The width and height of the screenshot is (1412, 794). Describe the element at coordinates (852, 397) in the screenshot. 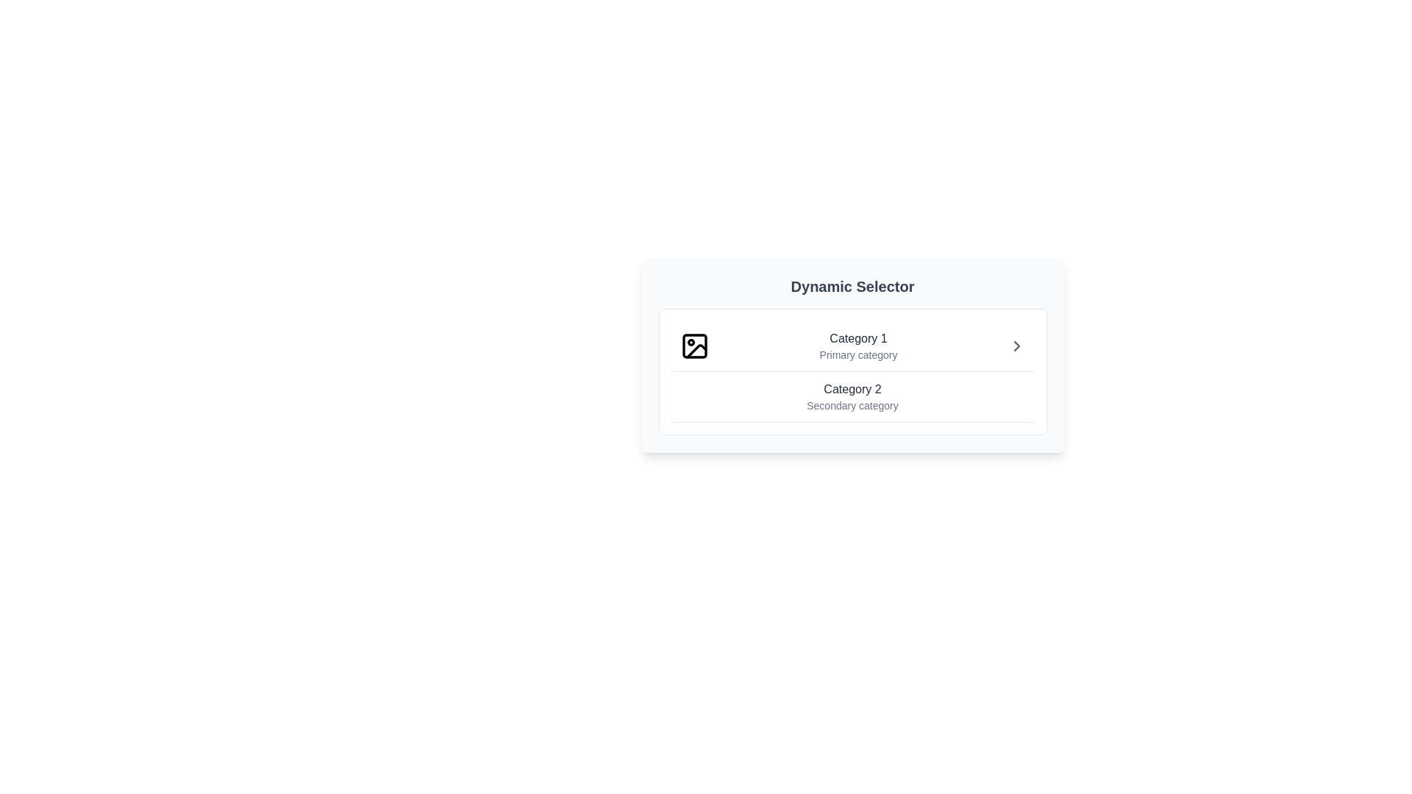

I see `the navigation text labeled 'Category 2'` at that location.